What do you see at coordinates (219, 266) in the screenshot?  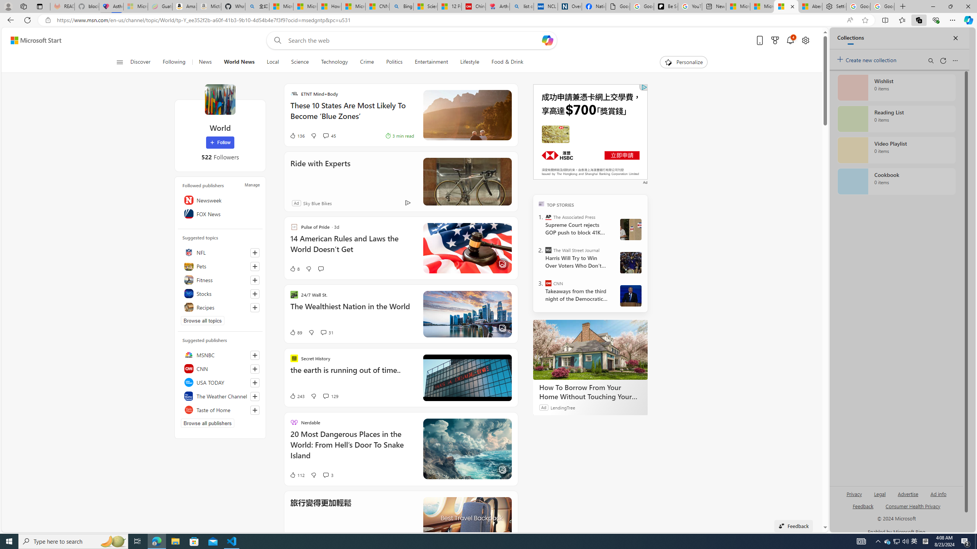 I see `'Pets'` at bounding box center [219, 266].